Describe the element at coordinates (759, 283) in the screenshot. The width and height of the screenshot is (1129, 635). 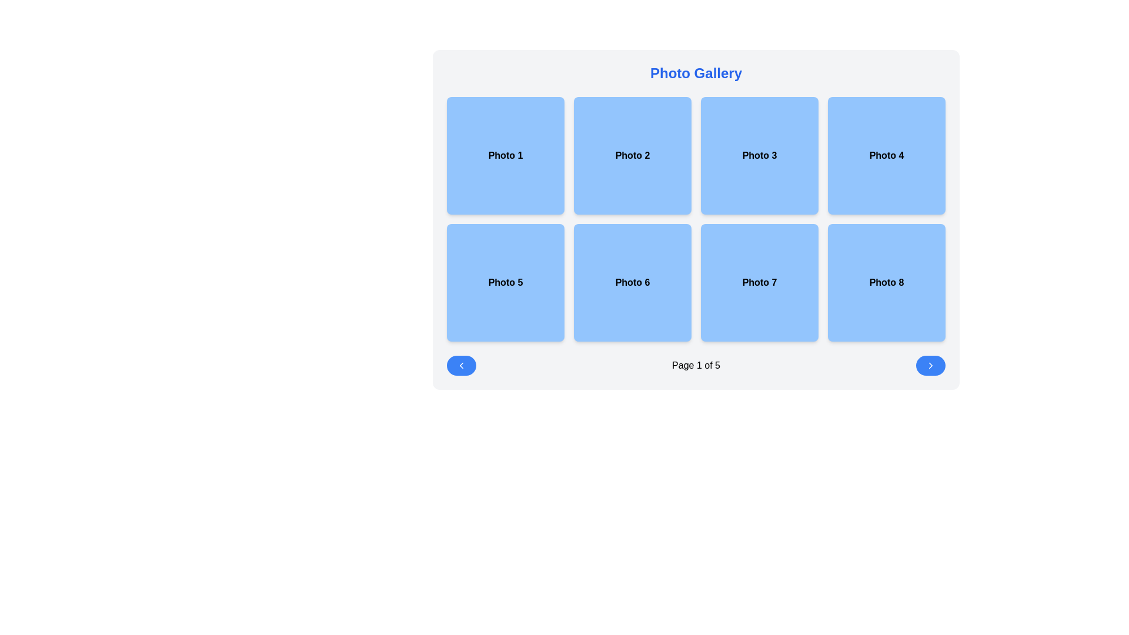
I see `the static label or button labeled 'Photo 7', which is located in the second row, third column of a 4x2 grid` at that location.